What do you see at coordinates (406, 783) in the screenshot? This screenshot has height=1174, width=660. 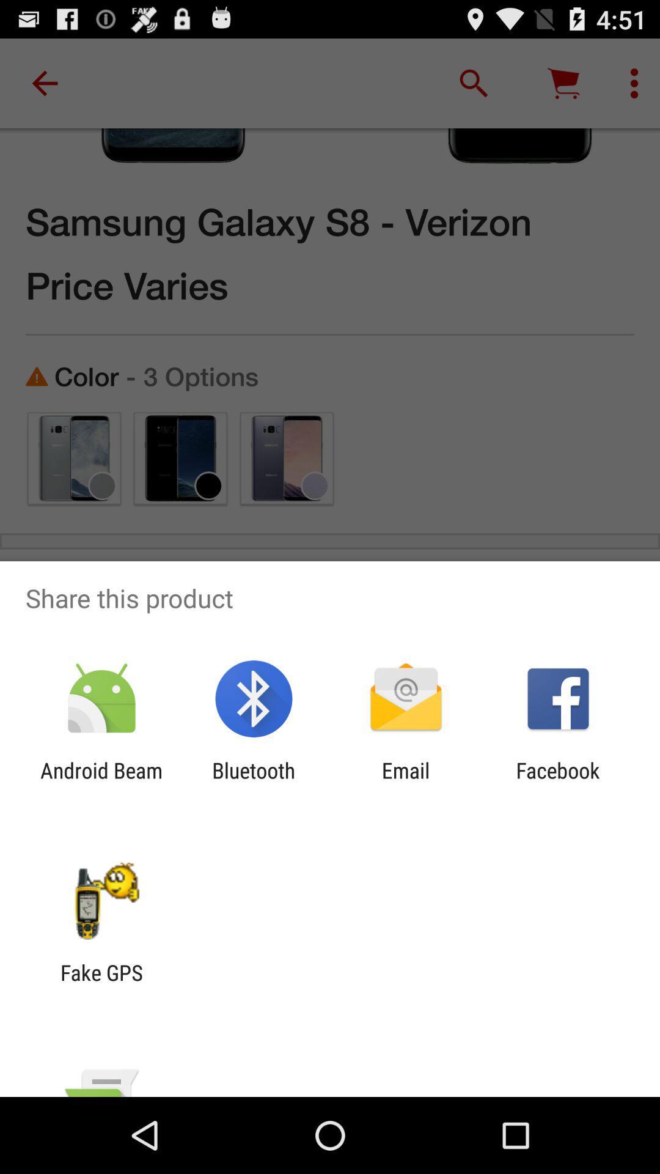 I see `icon to the left of the facebook` at bounding box center [406, 783].